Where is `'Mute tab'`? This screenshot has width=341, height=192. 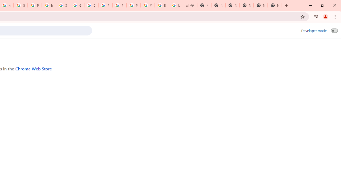
'Mute tab' is located at coordinates (192, 5).